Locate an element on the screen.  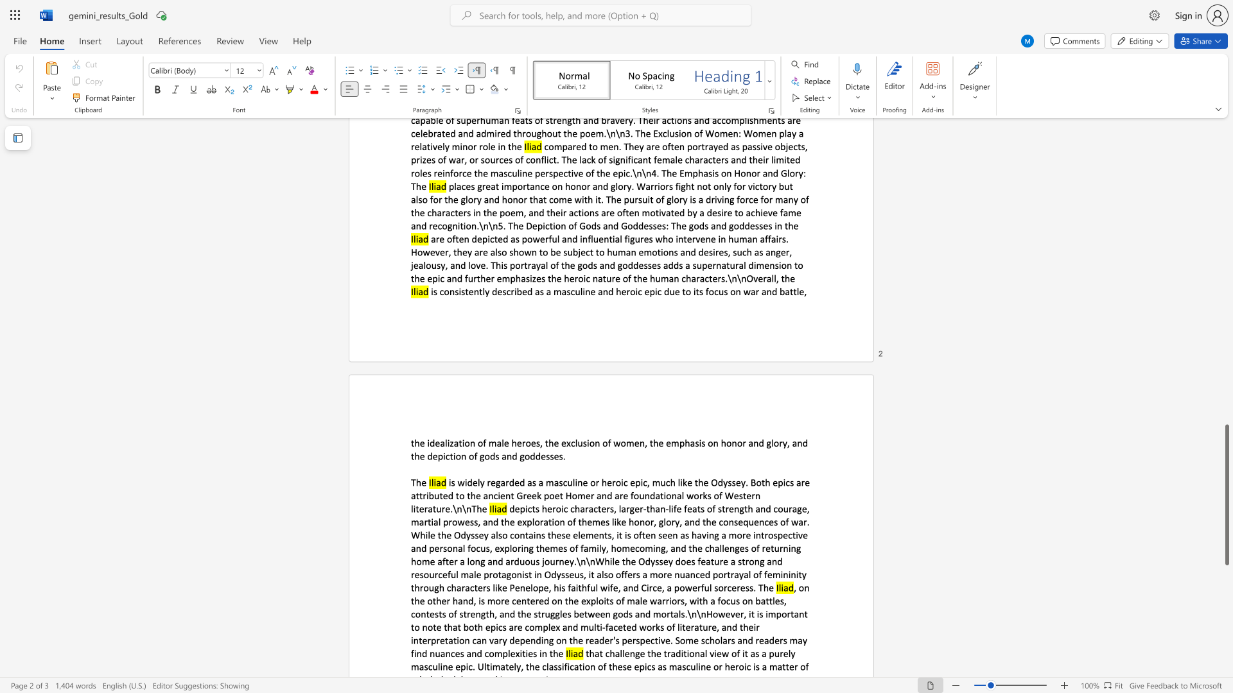
the scrollbar to move the page up is located at coordinates (1226, 134).